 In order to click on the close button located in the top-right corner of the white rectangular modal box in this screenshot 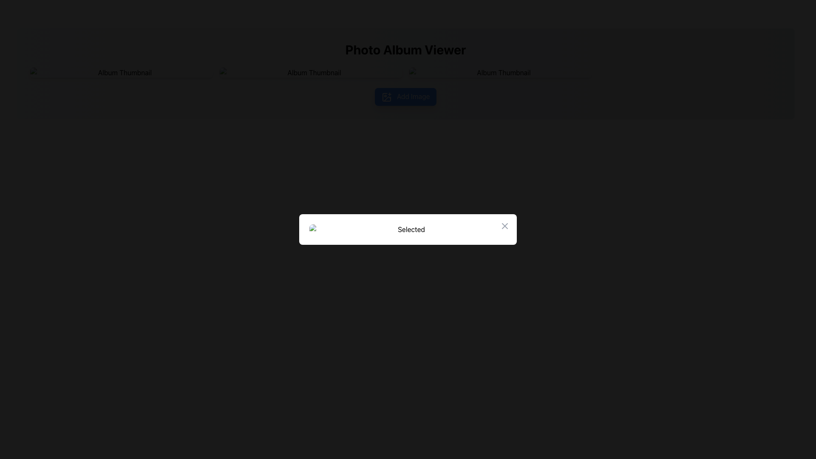, I will do `click(505, 226)`.